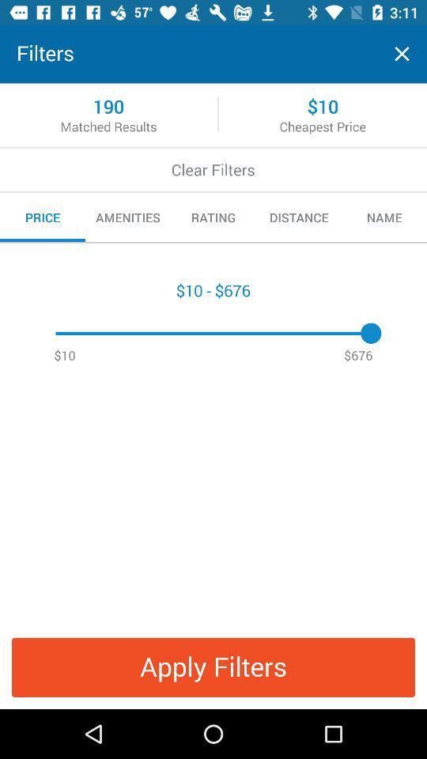 This screenshot has height=759, width=427. What do you see at coordinates (402, 54) in the screenshot?
I see `exit` at bounding box center [402, 54].